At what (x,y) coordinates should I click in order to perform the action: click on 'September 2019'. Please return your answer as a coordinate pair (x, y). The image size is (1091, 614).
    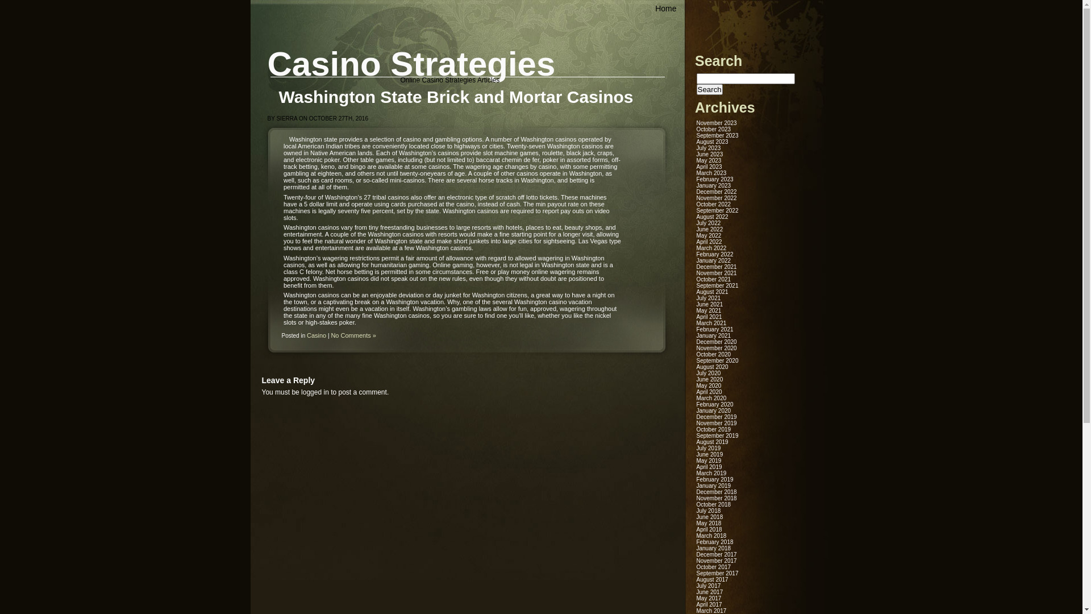
    Looking at the image, I should click on (717, 435).